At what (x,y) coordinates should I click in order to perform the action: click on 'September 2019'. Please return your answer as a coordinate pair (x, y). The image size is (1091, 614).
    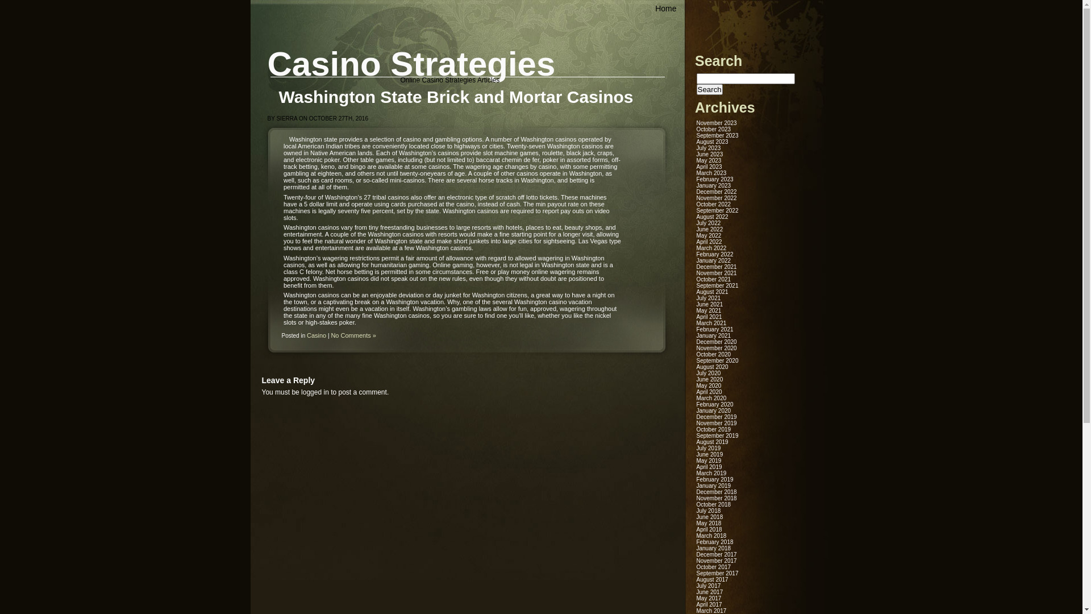
    Looking at the image, I should click on (717, 435).